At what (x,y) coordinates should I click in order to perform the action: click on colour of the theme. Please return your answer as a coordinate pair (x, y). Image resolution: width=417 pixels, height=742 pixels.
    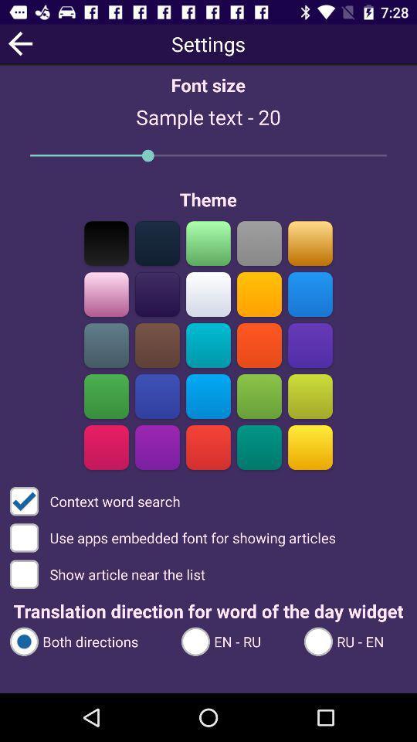
    Looking at the image, I should click on (208, 294).